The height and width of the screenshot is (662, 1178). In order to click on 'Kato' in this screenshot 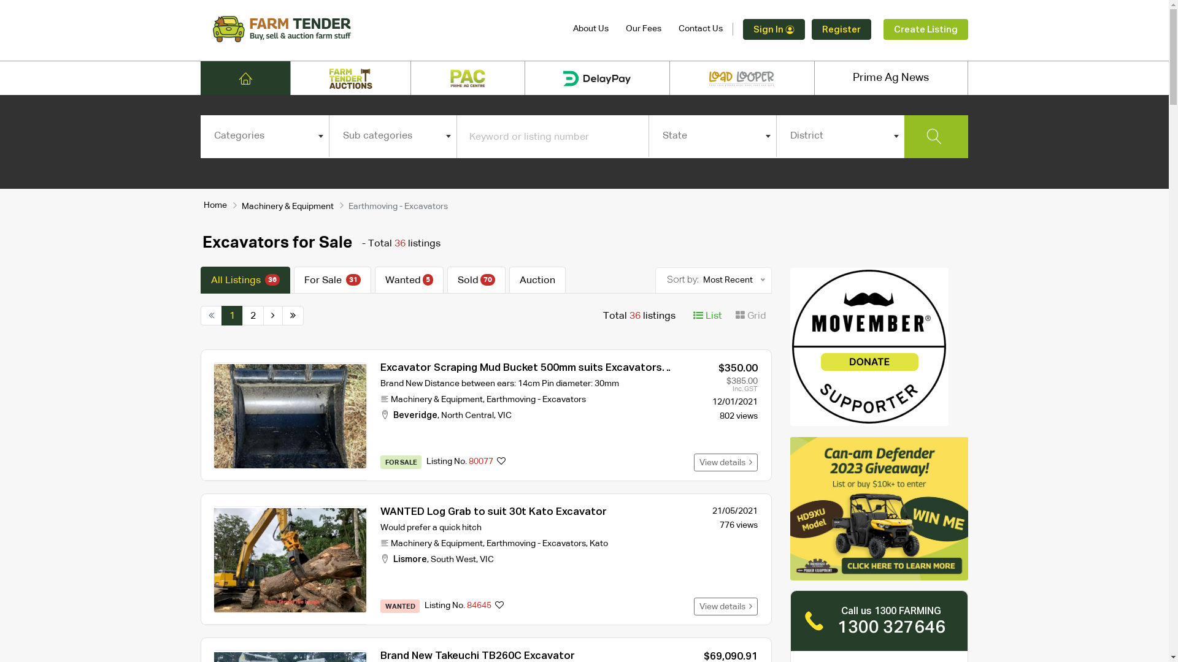, I will do `click(598, 543)`.